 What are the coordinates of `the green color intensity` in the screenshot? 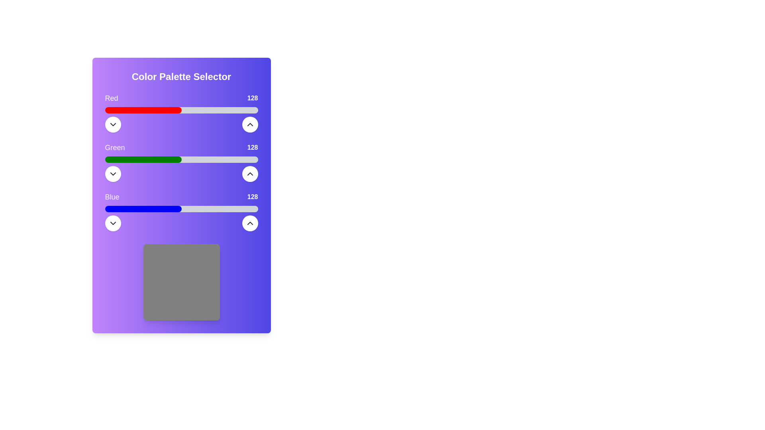 It's located at (169, 160).